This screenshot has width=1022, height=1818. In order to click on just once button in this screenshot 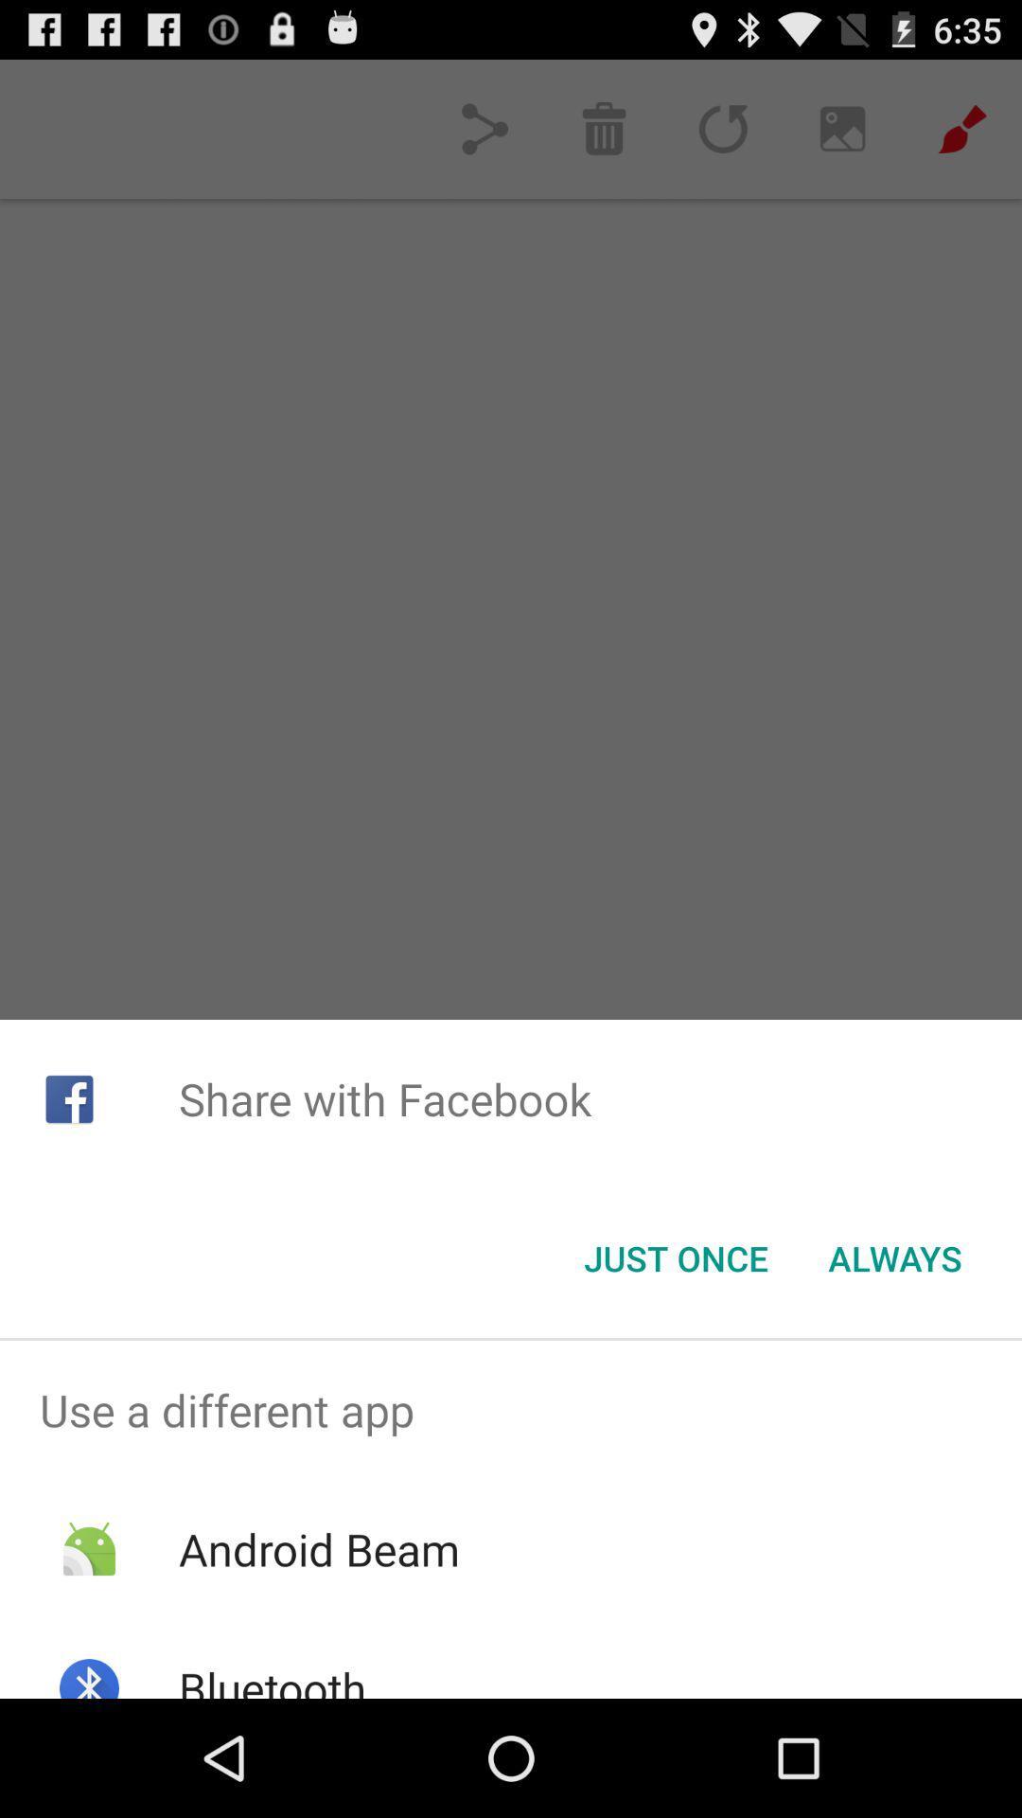, I will do `click(675, 1258)`.